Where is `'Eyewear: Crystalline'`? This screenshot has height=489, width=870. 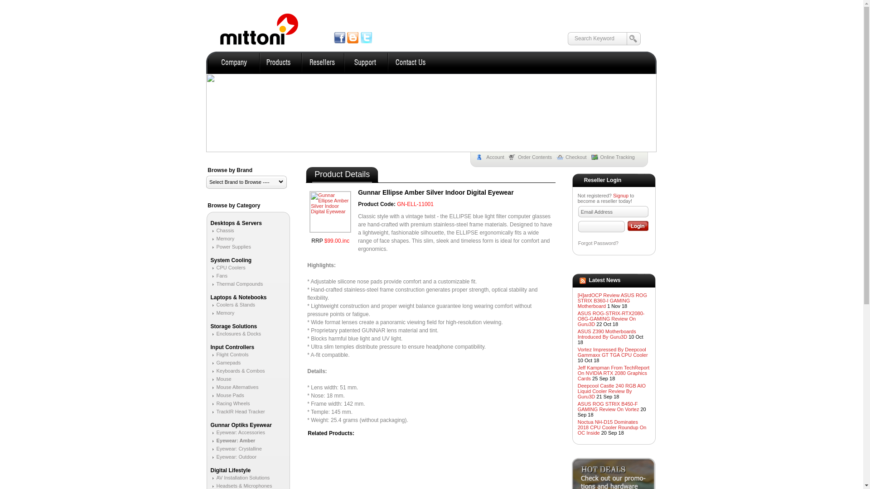 'Eyewear: Crystalline' is located at coordinates (236, 449).